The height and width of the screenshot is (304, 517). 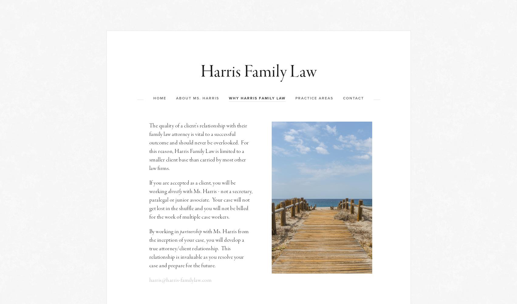 I want to click on 'The quality of a client’s relationship with their family law attorney is vital to a successful outcome and should never be overlooked.  For this reason, Harris Family Law is limited to a smaller client base than carried by most other law firms.', so click(x=149, y=147).